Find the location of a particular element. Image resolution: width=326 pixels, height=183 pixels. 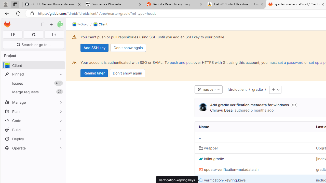

'Plan' is located at coordinates (33, 111).